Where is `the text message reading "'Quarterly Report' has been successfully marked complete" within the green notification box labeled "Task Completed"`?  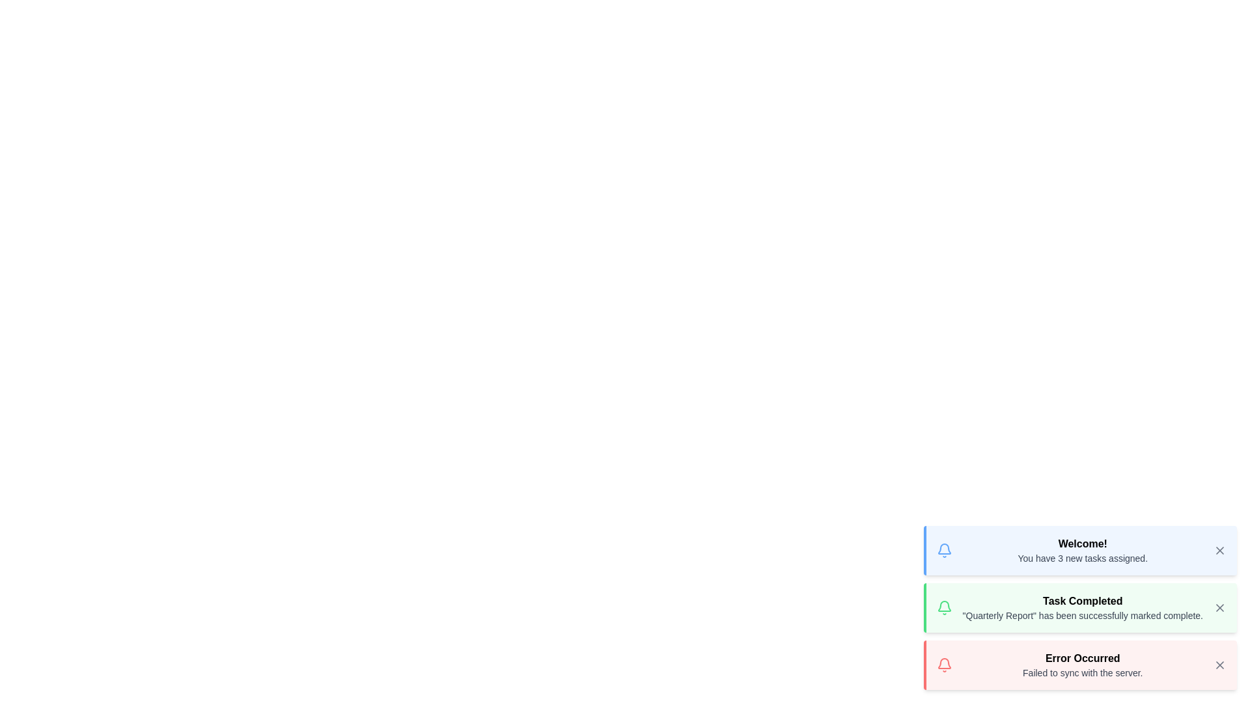
the text message reading "'Quarterly Report' has been successfully marked complete" within the green notification box labeled "Task Completed" is located at coordinates (1083, 615).